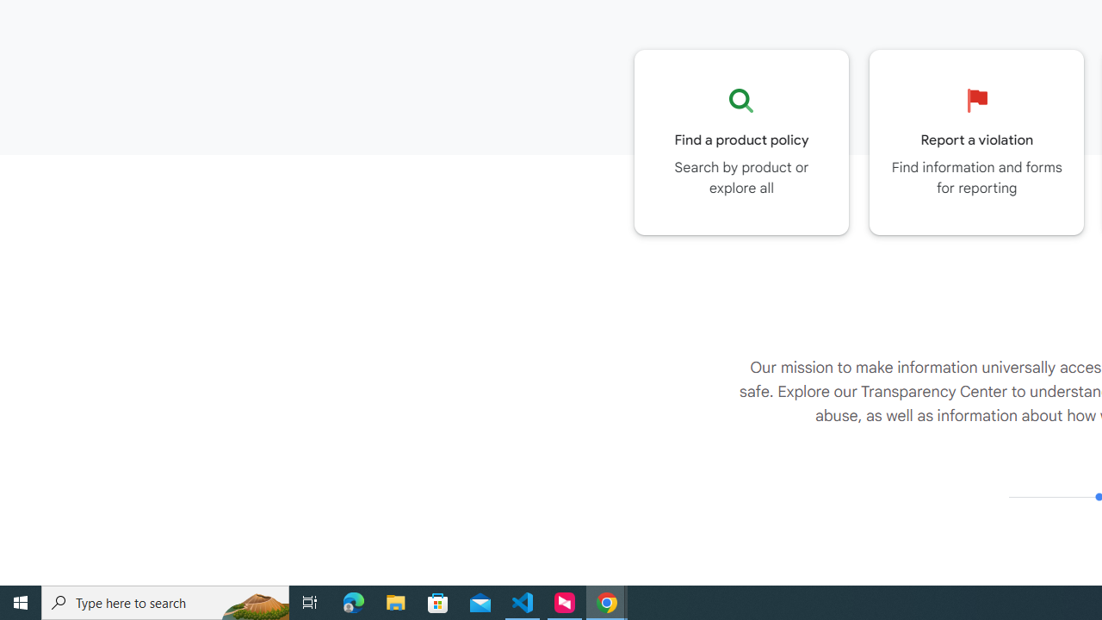 The image size is (1102, 620). What do you see at coordinates (976, 141) in the screenshot?
I see `'Go to the Reporting and appeals page'` at bounding box center [976, 141].